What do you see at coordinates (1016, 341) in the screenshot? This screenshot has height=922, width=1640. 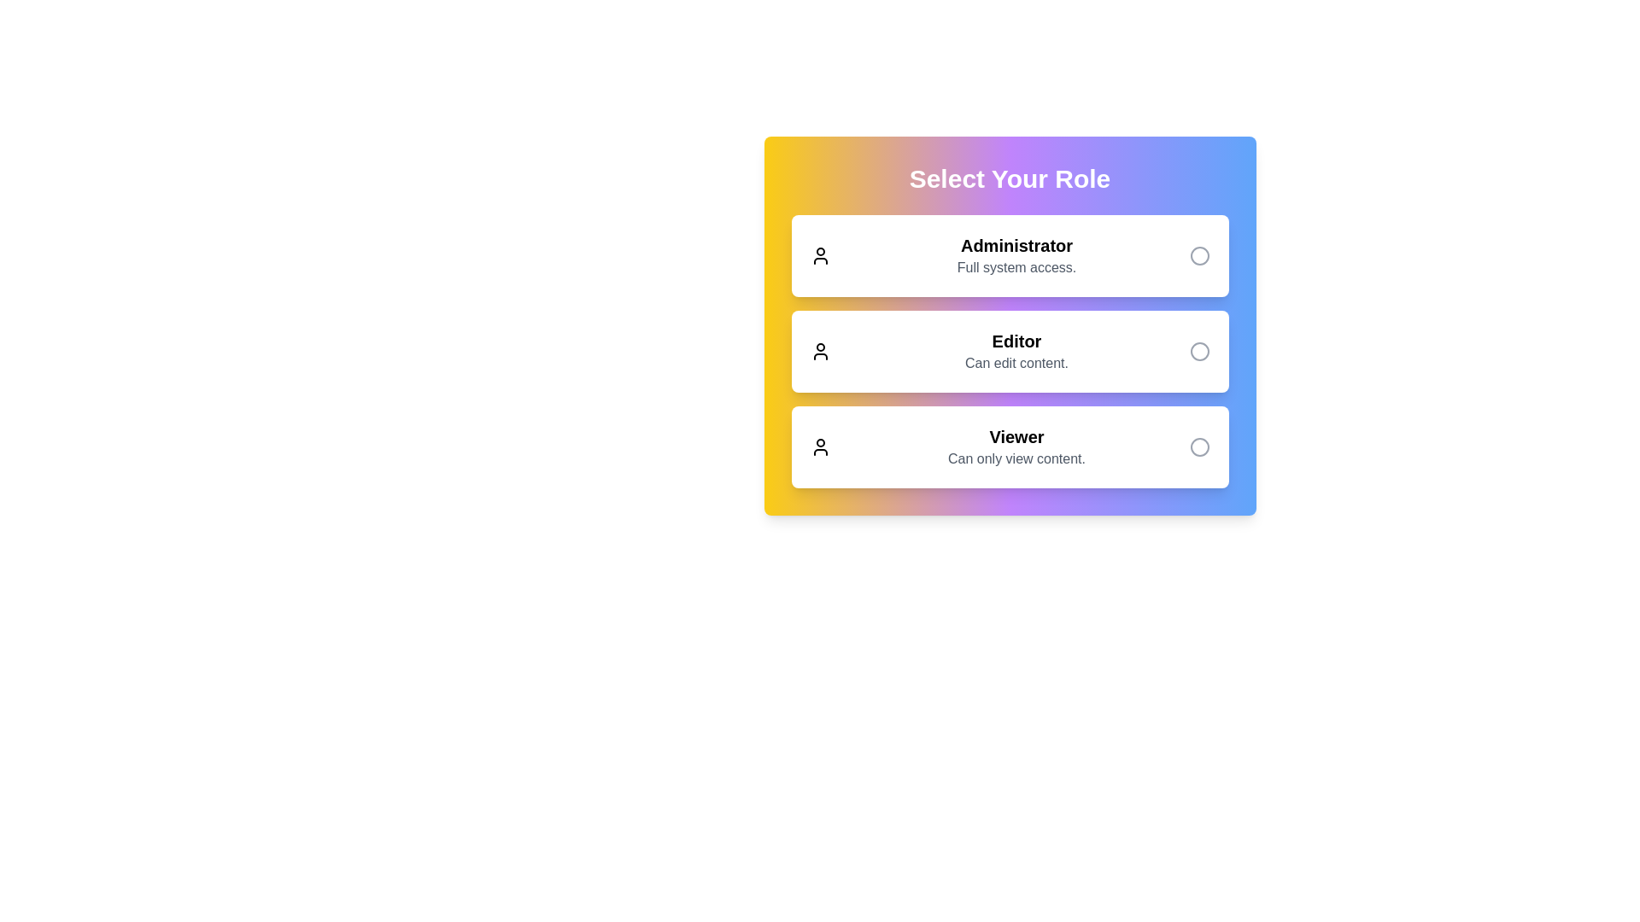 I see `the text label that serves as the title for the section describing the role of 'Editor', which is positioned above the subtitle 'Can edit content.' in the middle option of the 'Select Your Role' section` at bounding box center [1016, 341].